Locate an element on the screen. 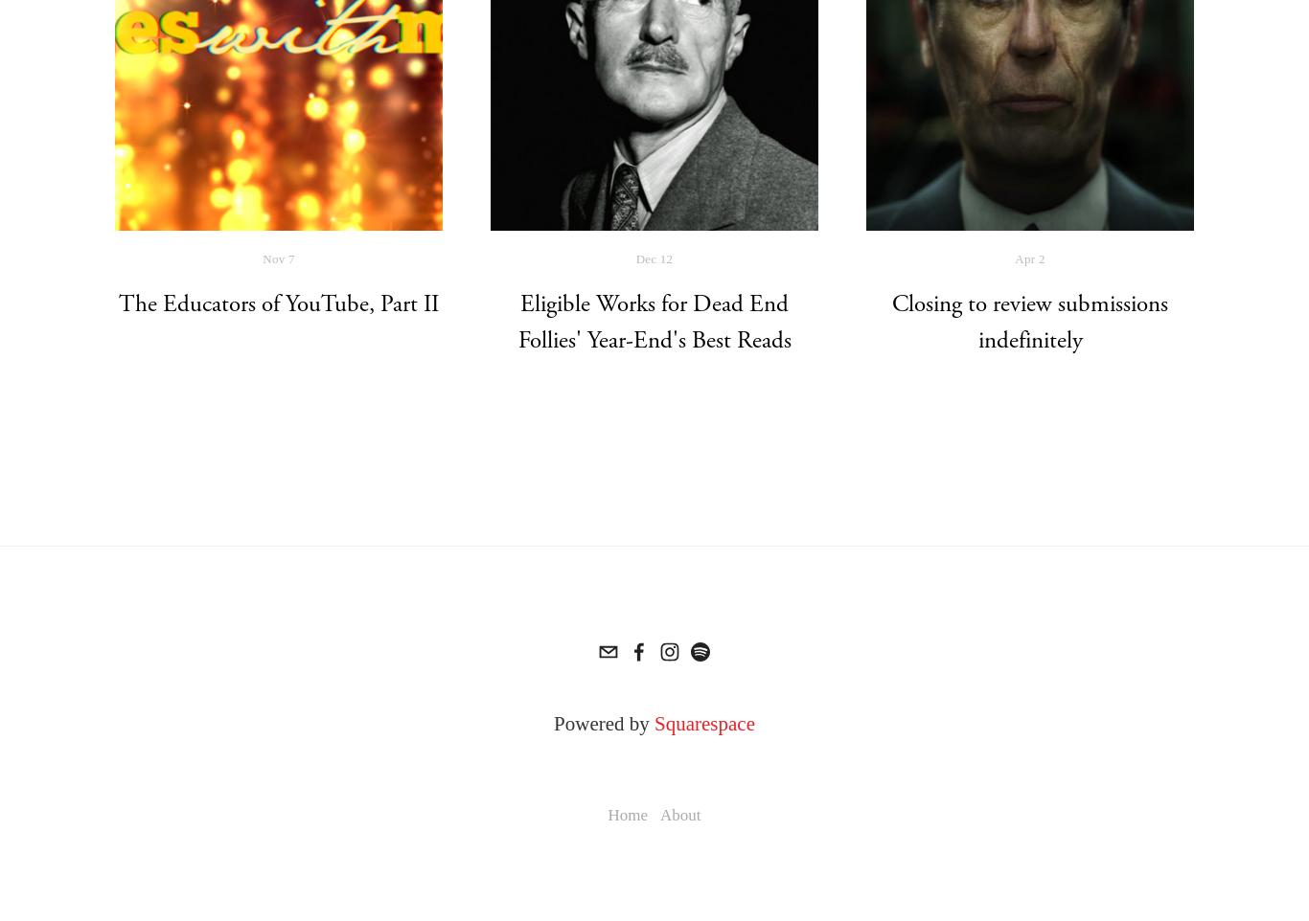 The image size is (1309, 921). '7' is located at coordinates (290, 258).